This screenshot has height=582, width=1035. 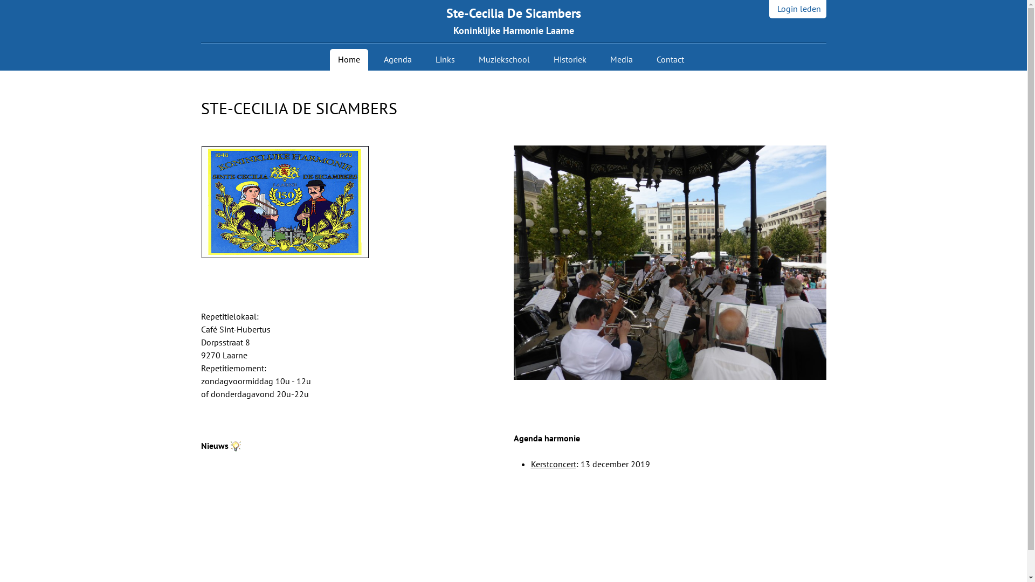 I want to click on 'Kerstconcert', so click(x=553, y=463).